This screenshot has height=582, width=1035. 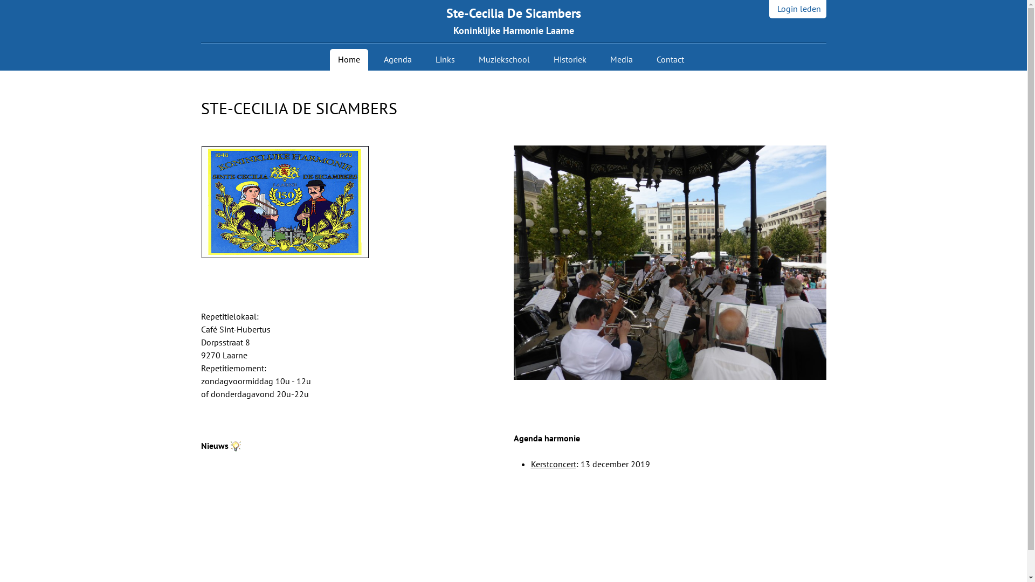 I want to click on 'Kerstconcert', so click(x=553, y=463).